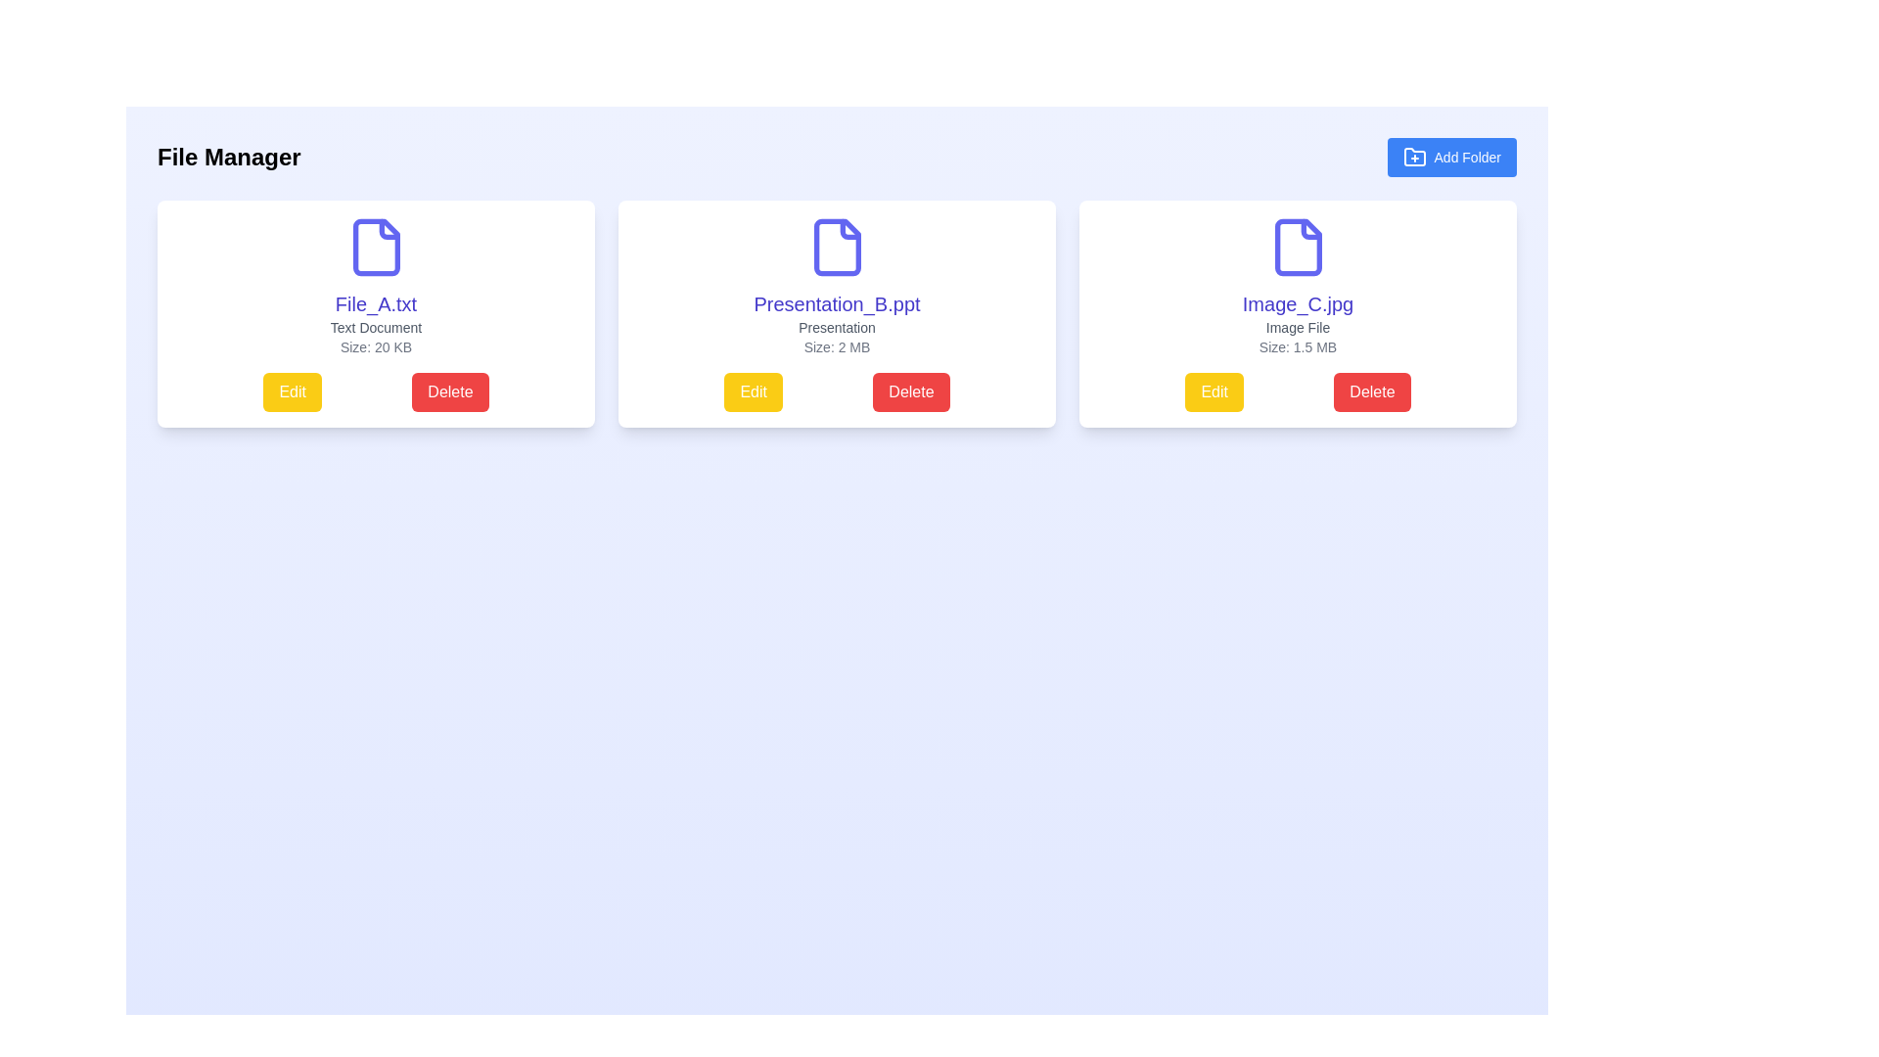 This screenshot has height=1057, width=1879. What do you see at coordinates (753, 392) in the screenshot?
I see `the bright yellow 'Edit' button with white text, located in the middle card below the file details` at bounding box center [753, 392].